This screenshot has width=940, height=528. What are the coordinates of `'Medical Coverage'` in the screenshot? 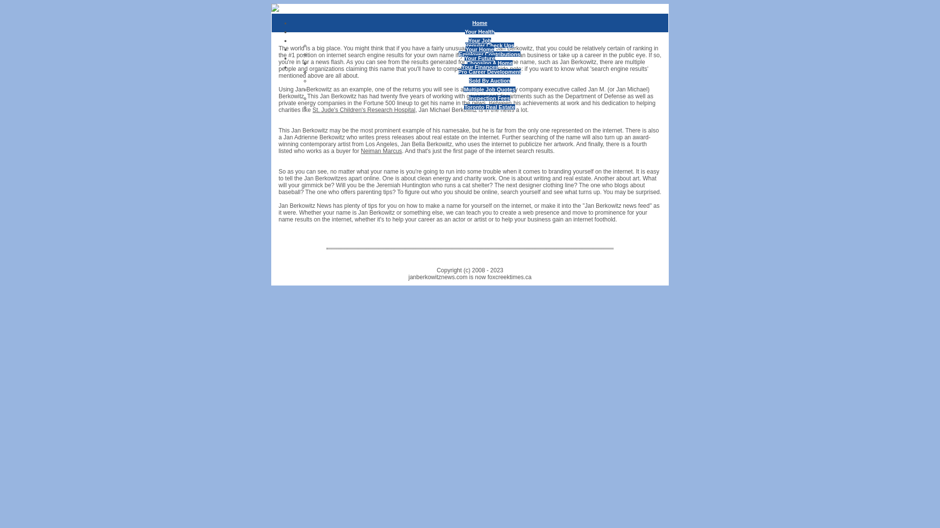 It's located at (466, 71).